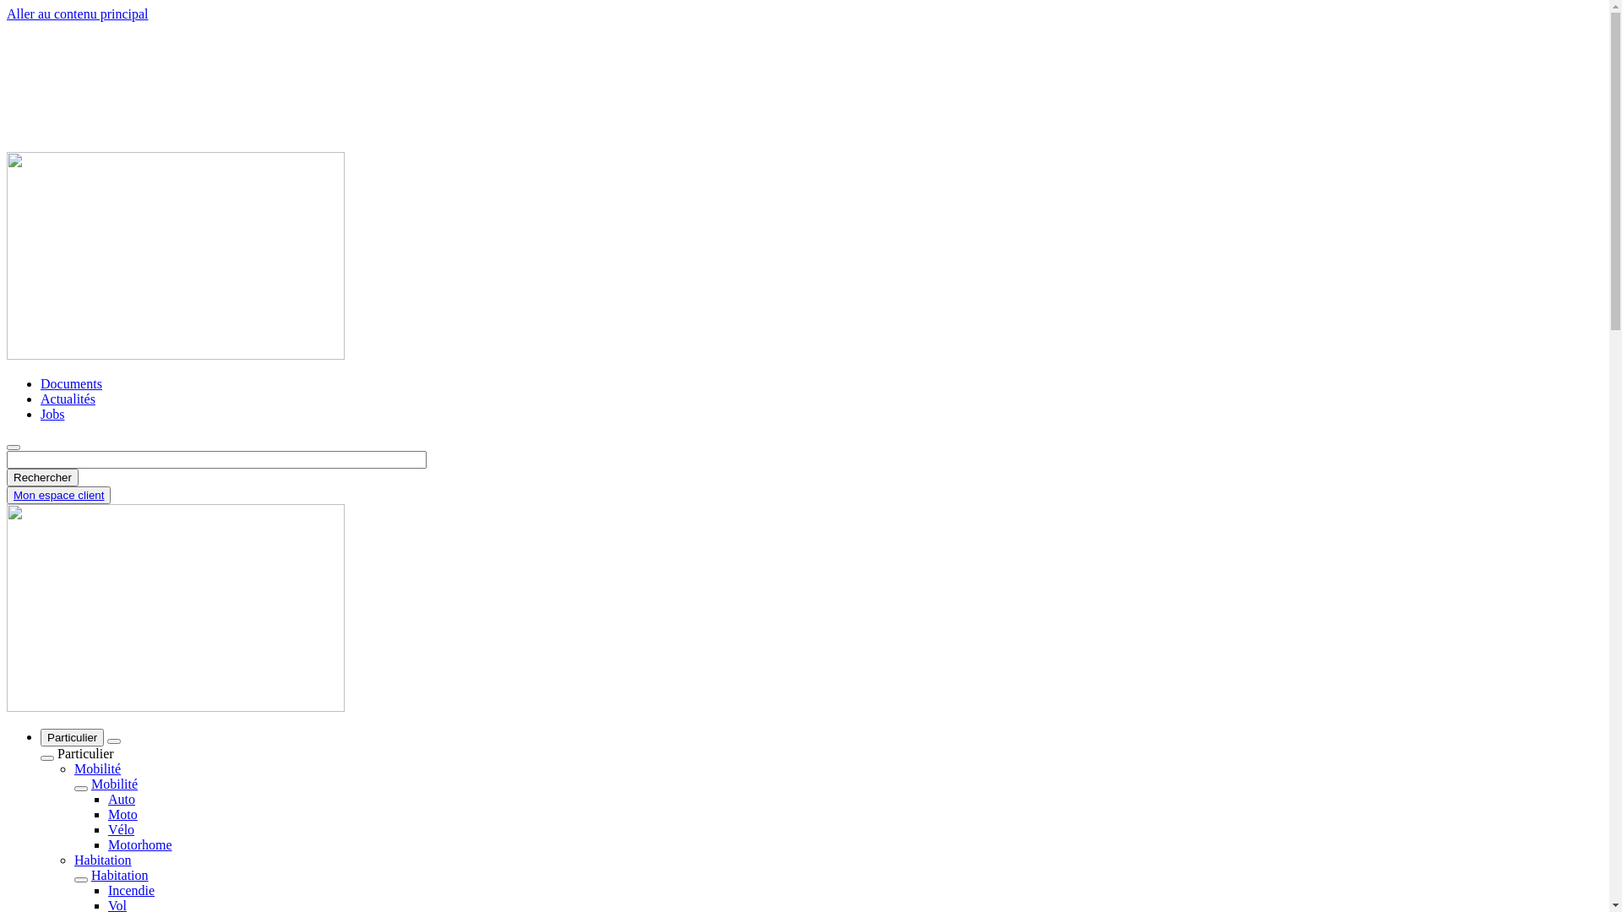  I want to click on 'Aller au contenu principal', so click(7, 14).